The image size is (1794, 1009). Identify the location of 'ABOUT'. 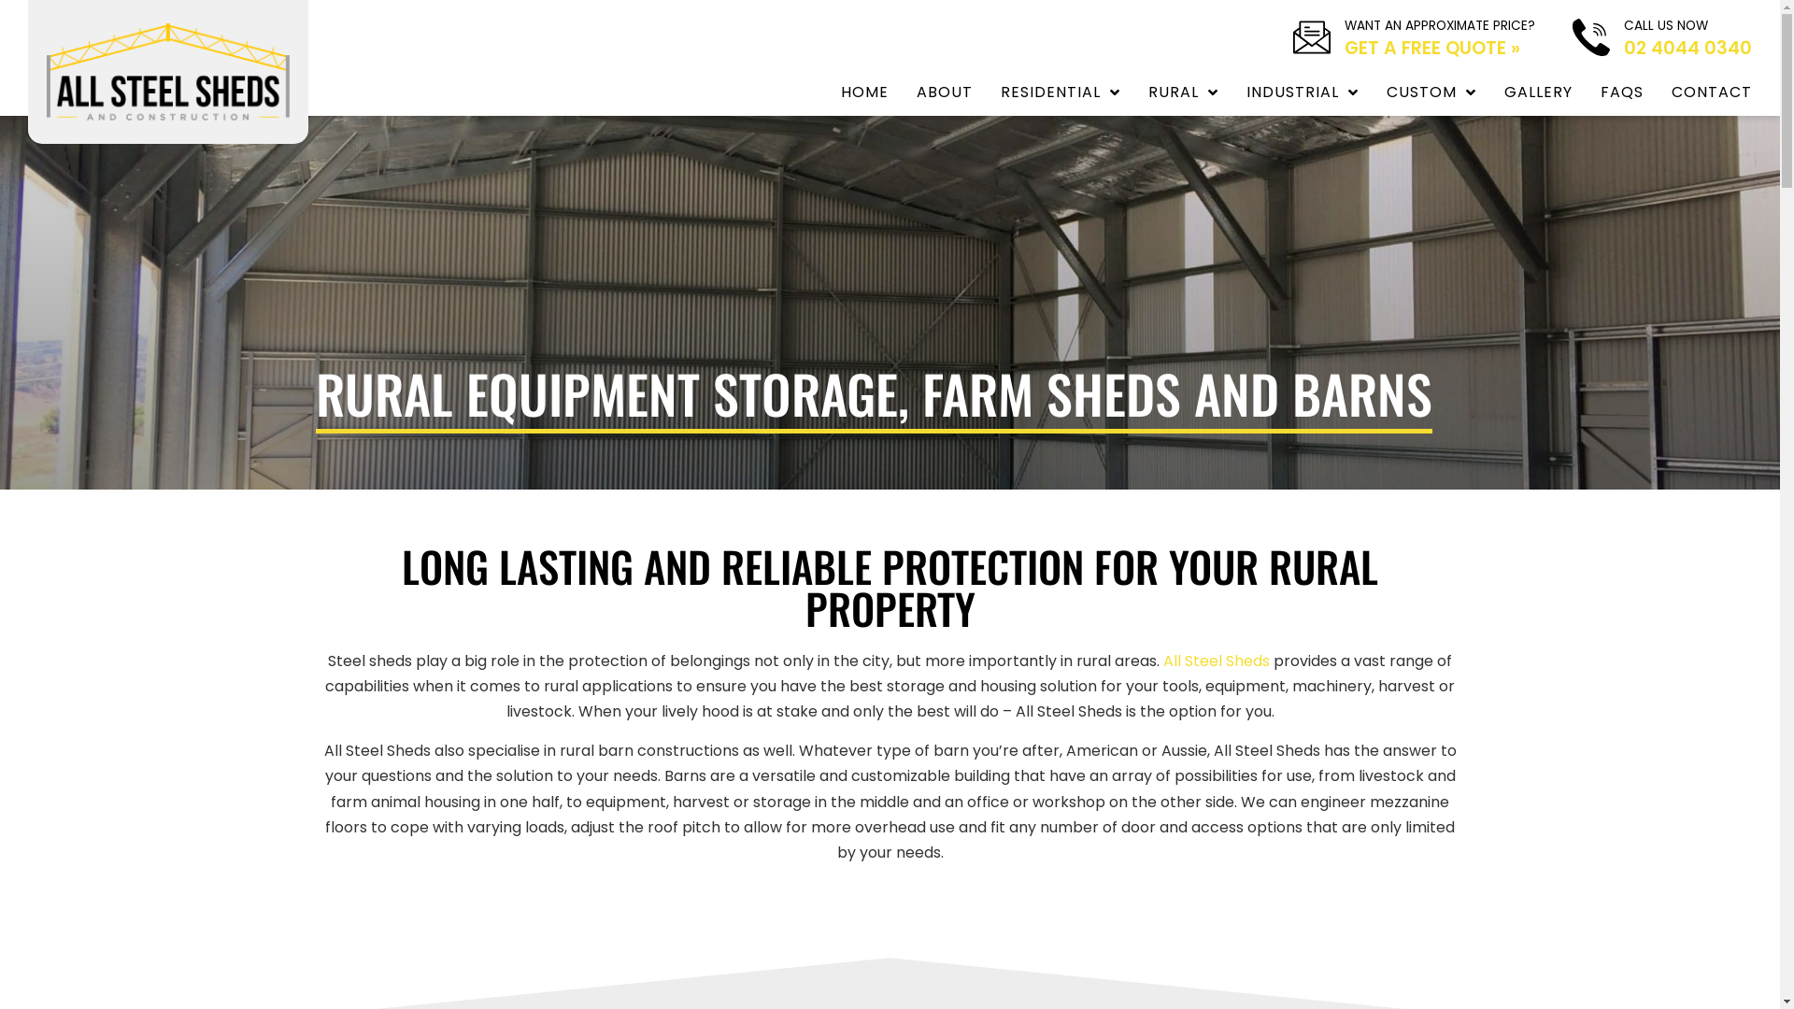
(945, 92).